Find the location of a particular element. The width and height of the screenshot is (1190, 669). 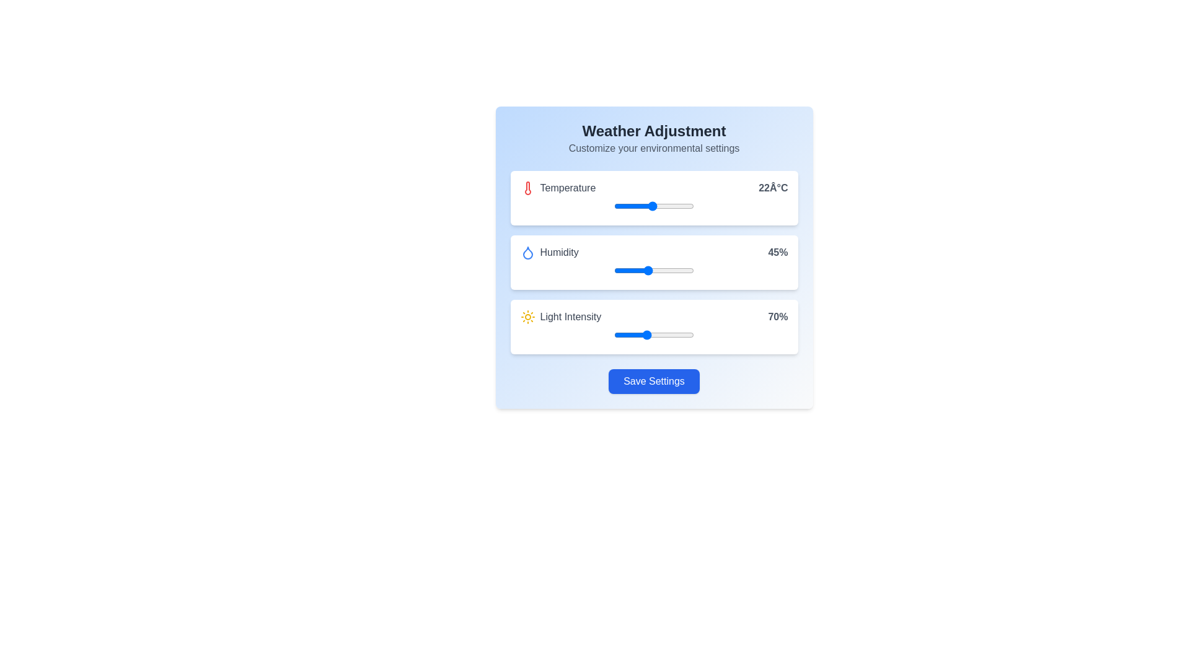

the light intensity is located at coordinates (653, 334).